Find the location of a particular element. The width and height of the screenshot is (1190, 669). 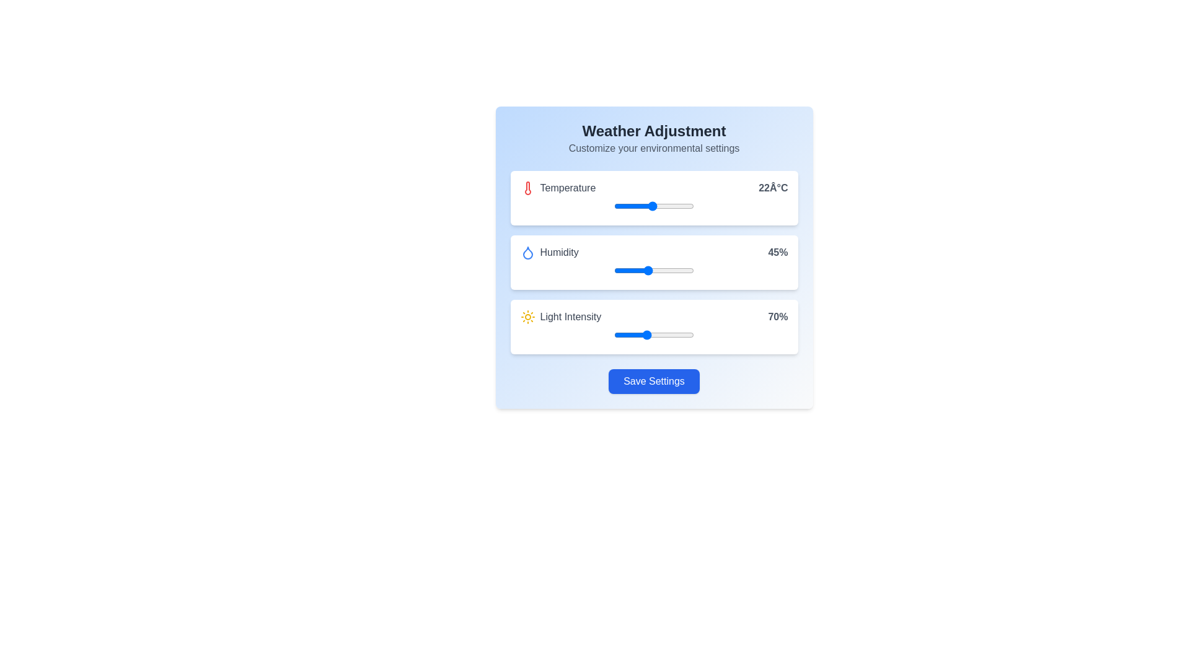

the light intensity is located at coordinates (653, 334).